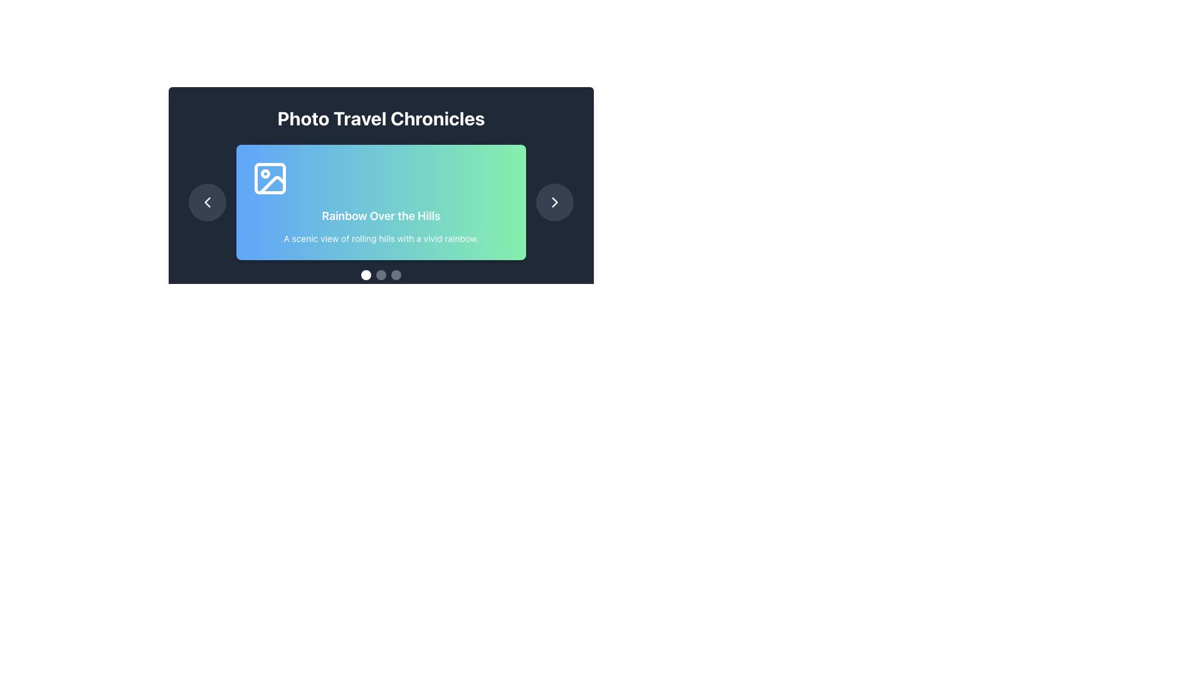 The image size is (1204, 677). What do you see at coordinates (208, 202) in the screenshot?
I see `the left-facing chevron icon within its circular button` at bounding box center [208, 202].